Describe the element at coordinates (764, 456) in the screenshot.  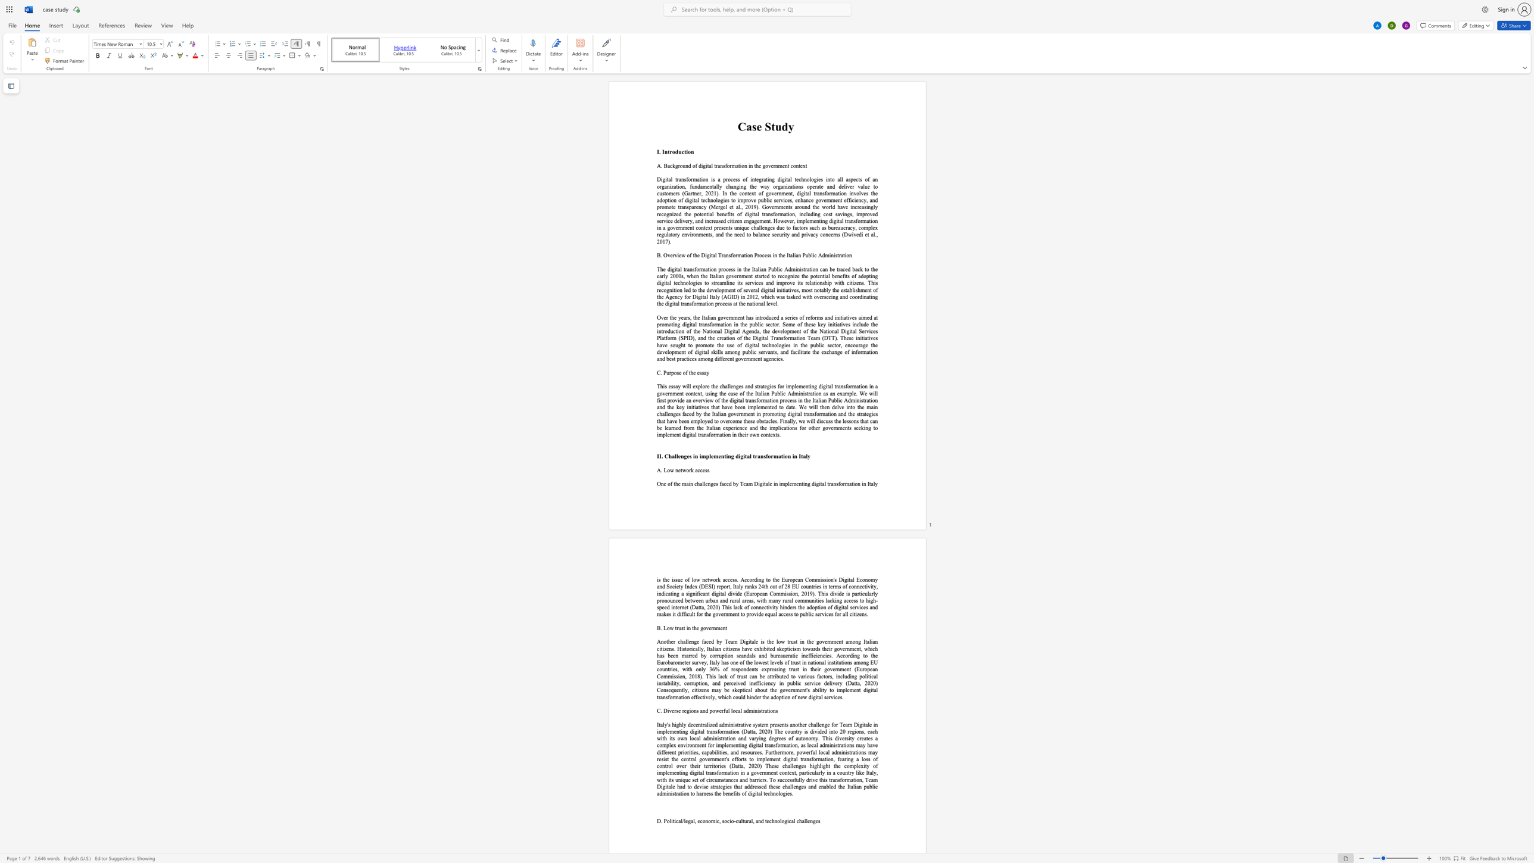
I see `the 2th character "s" in the text` at that location.